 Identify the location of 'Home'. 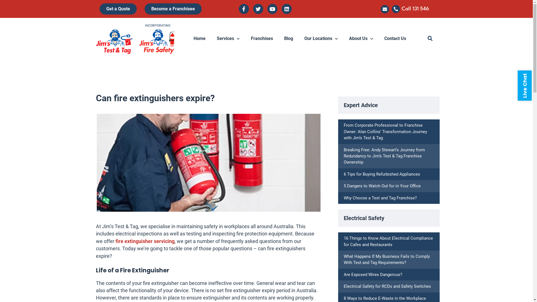
(199, 38).